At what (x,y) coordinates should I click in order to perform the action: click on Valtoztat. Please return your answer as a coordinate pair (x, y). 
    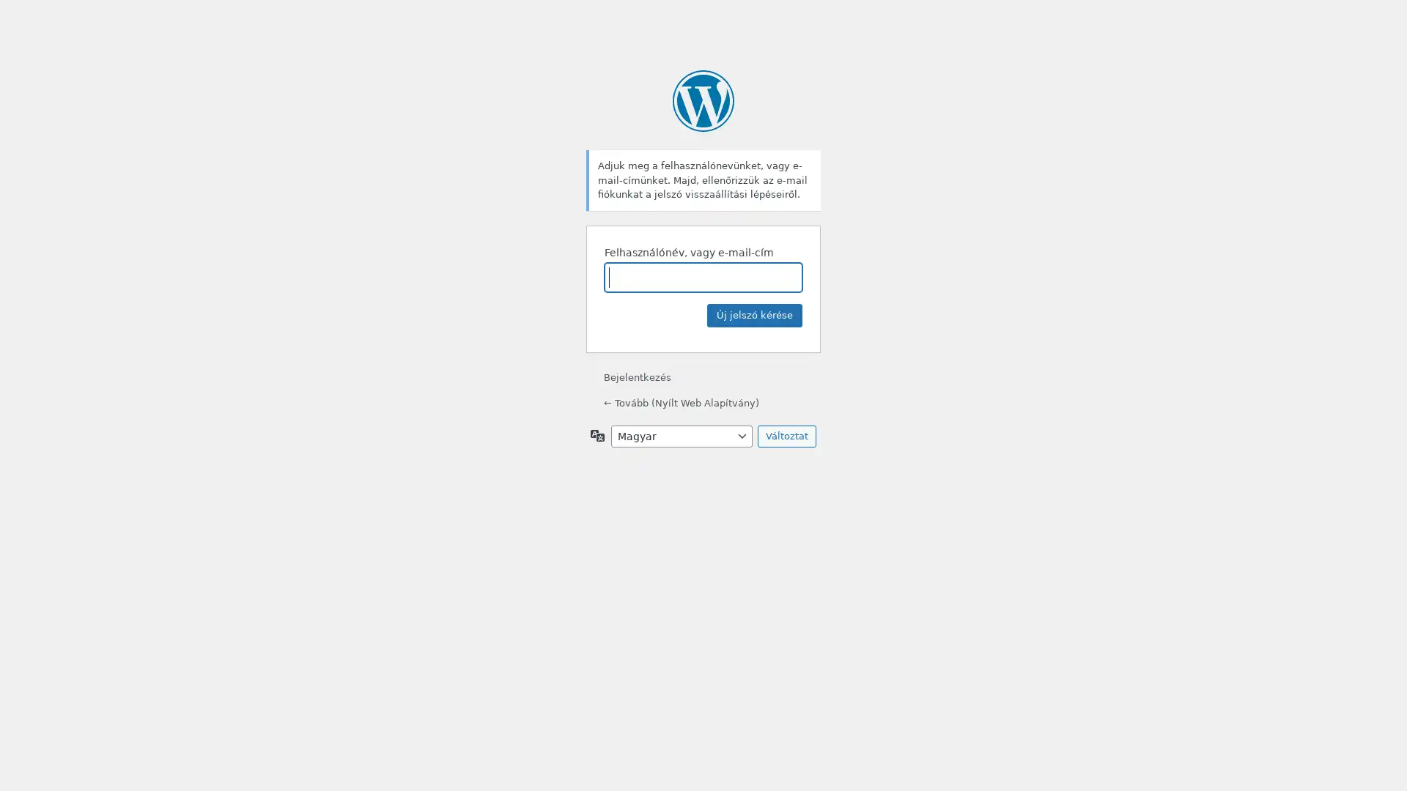
    Looking at the image, I should click on (786, 434).